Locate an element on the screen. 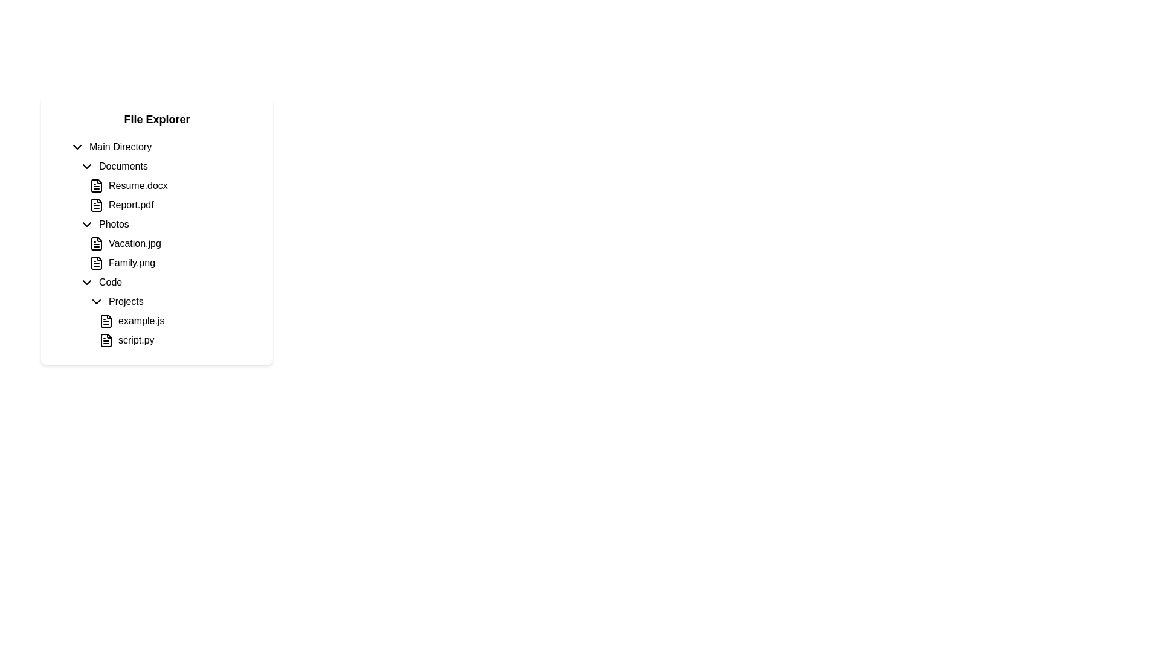 The image size is (1160, 652). the downward-pointing black chevron icon next to the 'Code' label is located at coordinates (86, 282).